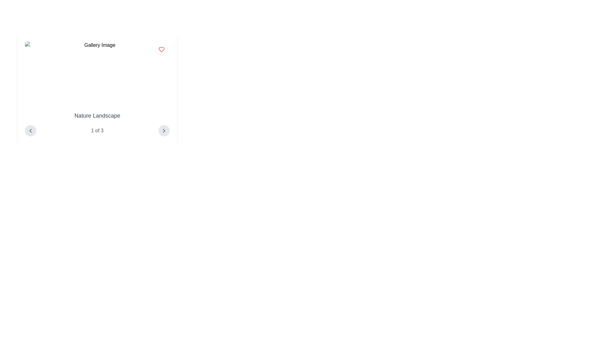 This screenshot has height=337, width=599. Describe the element at coordinates (162, 49) in the screenshot. I see `the stylized heart icon located towards the top-right corner of the gallery interface` at that location.